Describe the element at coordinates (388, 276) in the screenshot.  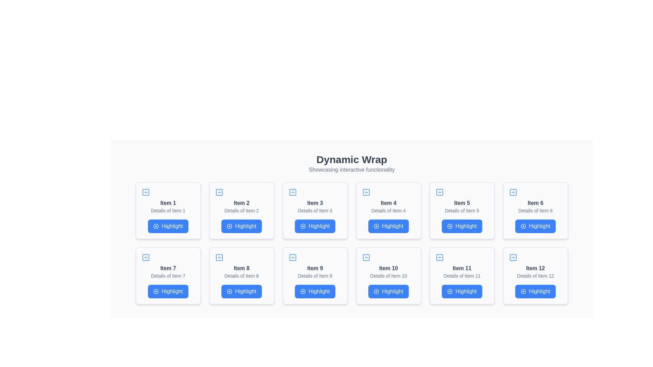
I see `the 'Highlight' button on the interactive card for 'Item 10', located in the second row, fourth card from the left` at that location.